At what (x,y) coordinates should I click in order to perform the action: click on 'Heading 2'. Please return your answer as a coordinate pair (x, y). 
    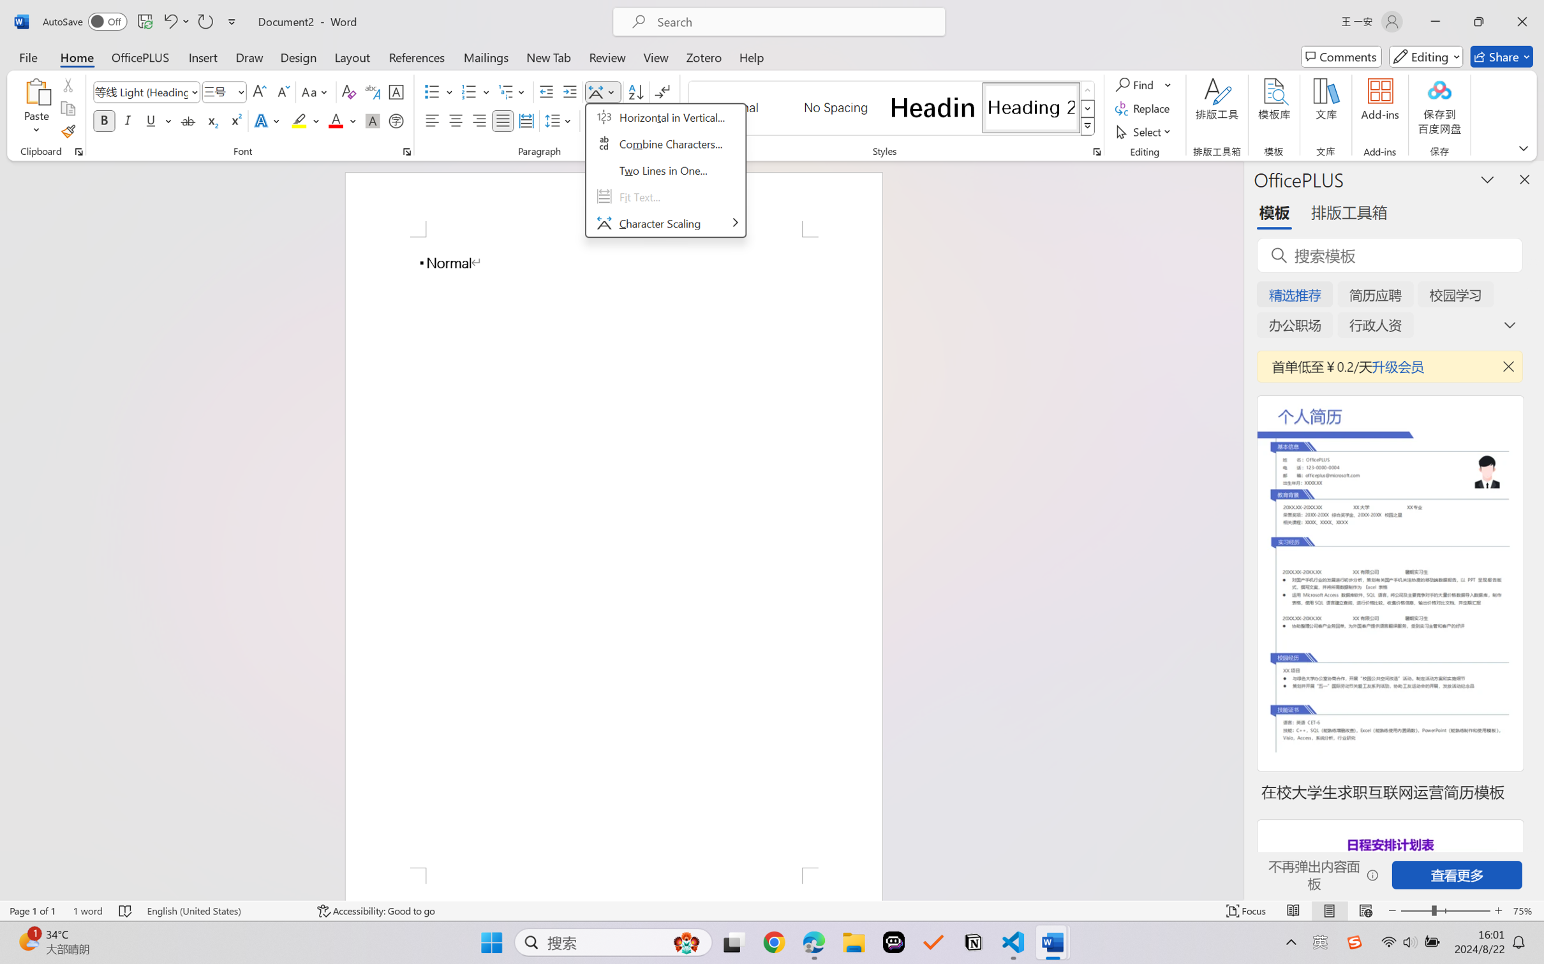
    Looking at the image, I should click on (1031, 107).